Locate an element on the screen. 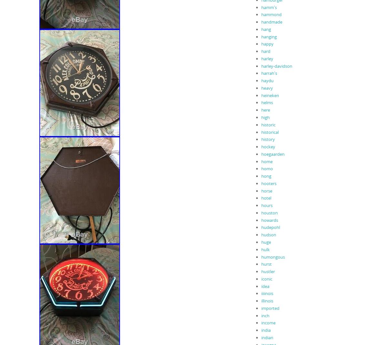 This screenshot has height=345, width=382. 'handmade' is located at coordinates (271, 22).